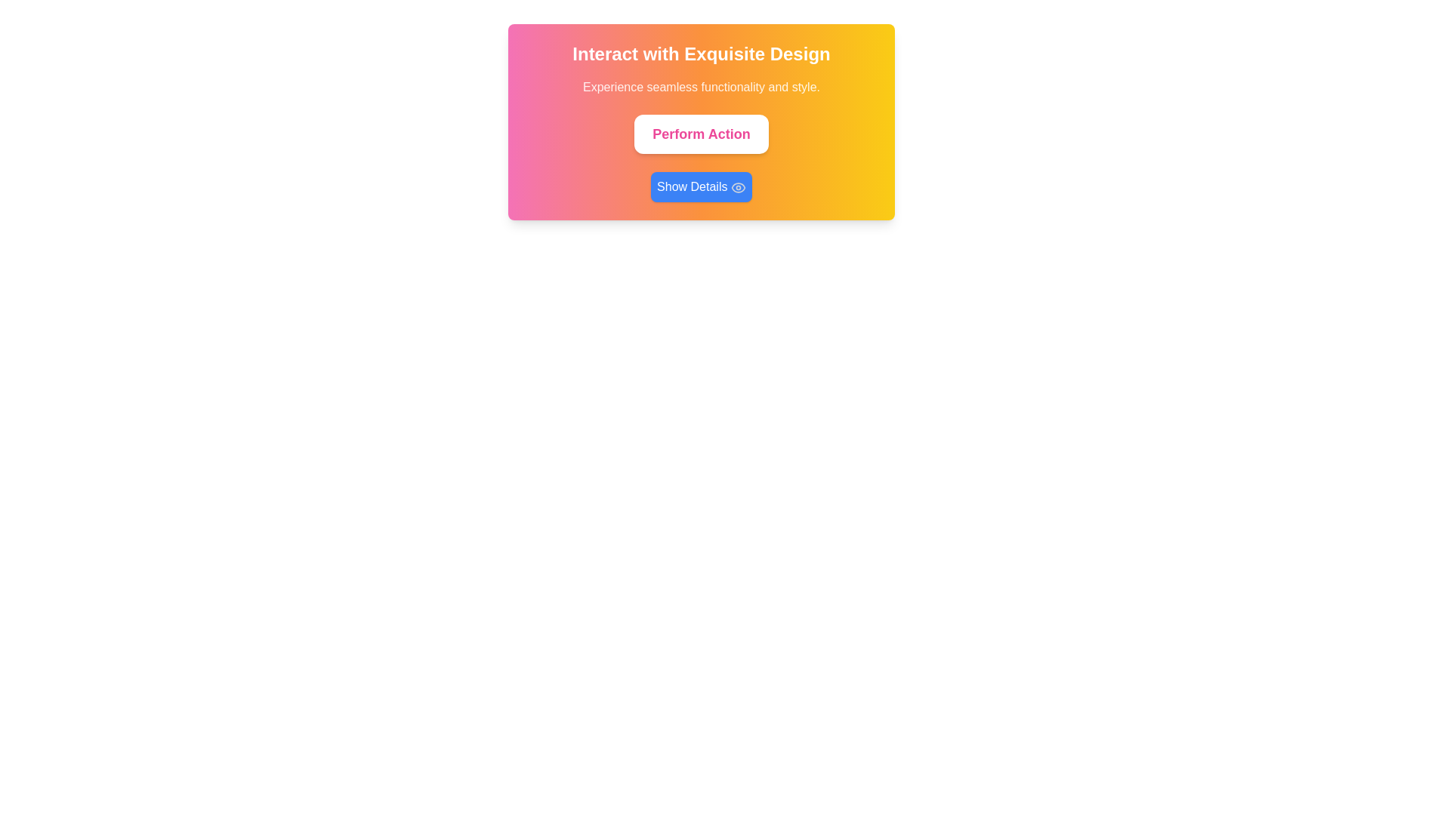 Image resolution: width=1450 pixels, height=815 pixels. I want to click on the bold, large-sized text reading 'Interact with Exquisite Design' that is positioned at the top center of its card with a gradient background, so click(701, 54).